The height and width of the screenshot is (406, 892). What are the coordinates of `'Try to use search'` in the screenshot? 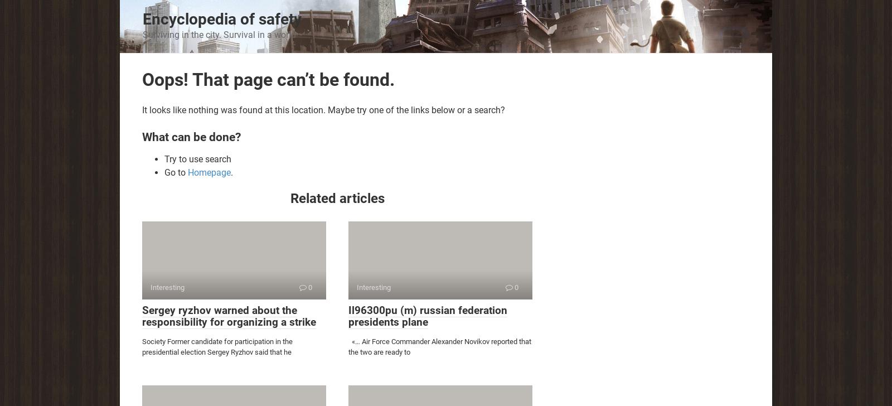 It's located at (164, 158).